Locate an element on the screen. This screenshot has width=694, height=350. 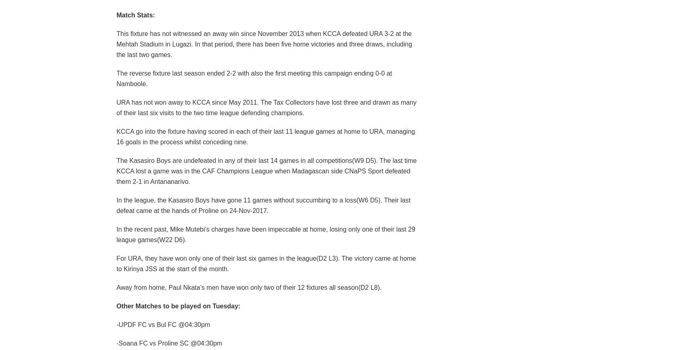
'-UPDF FC vs Bul FC @04:30pm' is located at coordinates (163, 324).